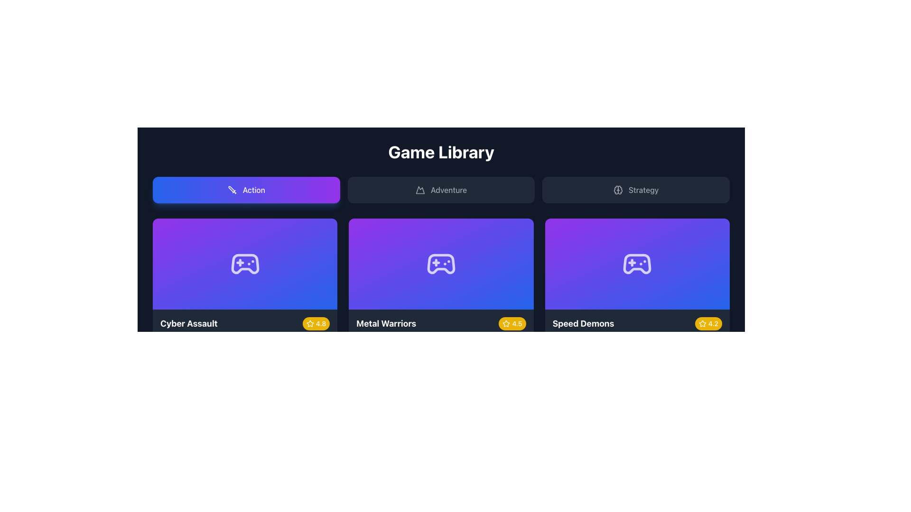  Describe the element at coordinates (448, 190) in the screenshot. I see `the text label 'Adventure' located centrally within the top interactive button` at that location.